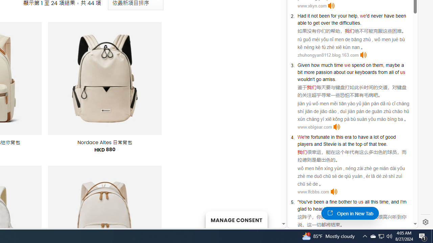 The height and width of the screenshot is (243, 433). I want to click on 'good', so click(390, 137).